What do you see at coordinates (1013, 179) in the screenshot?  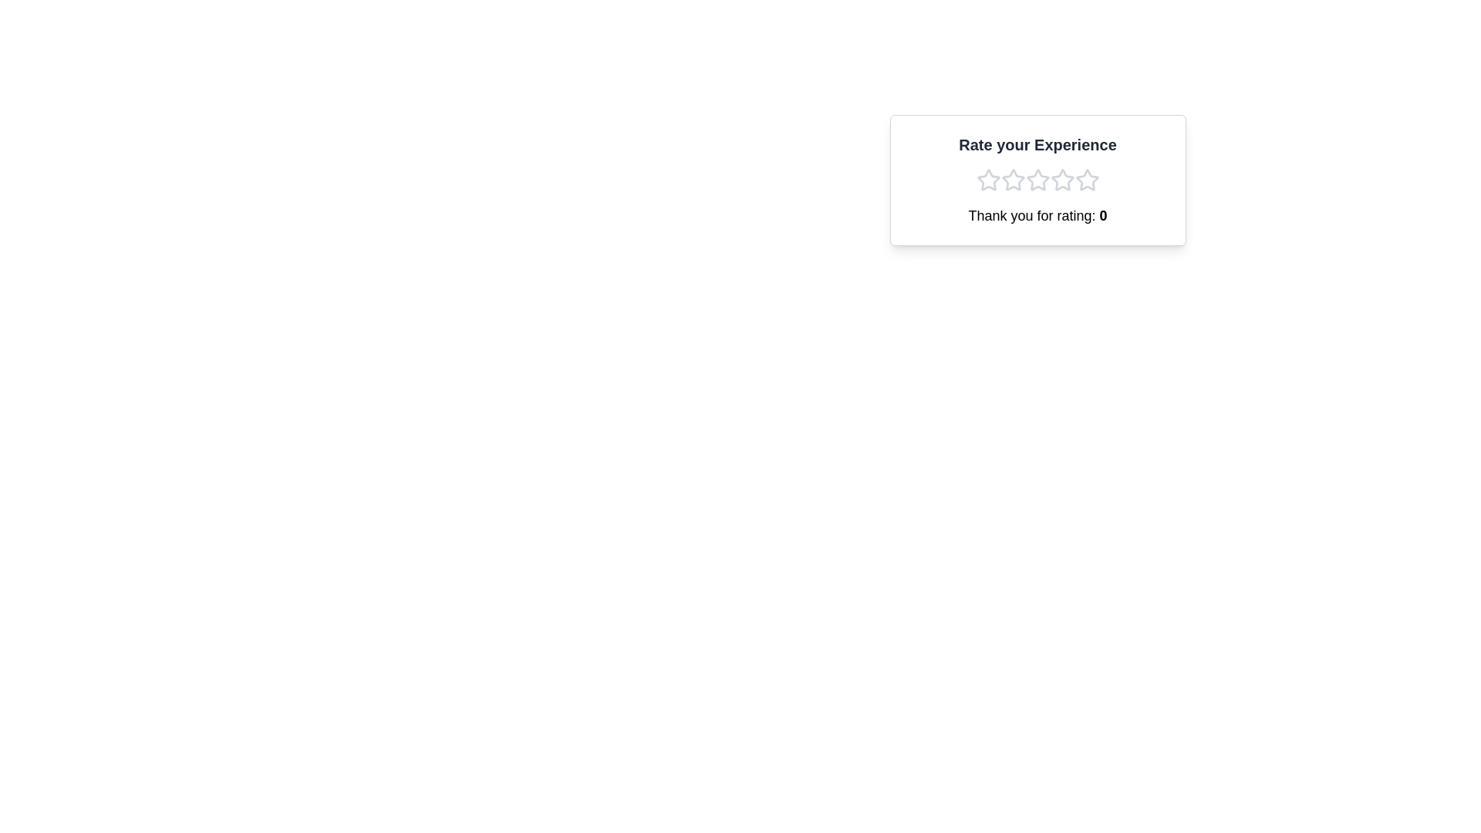 I see `the first star icon in the rating system to assign a rating, located in the card with the text 'Rate your Experience'` at bounding box center [1013, 179].